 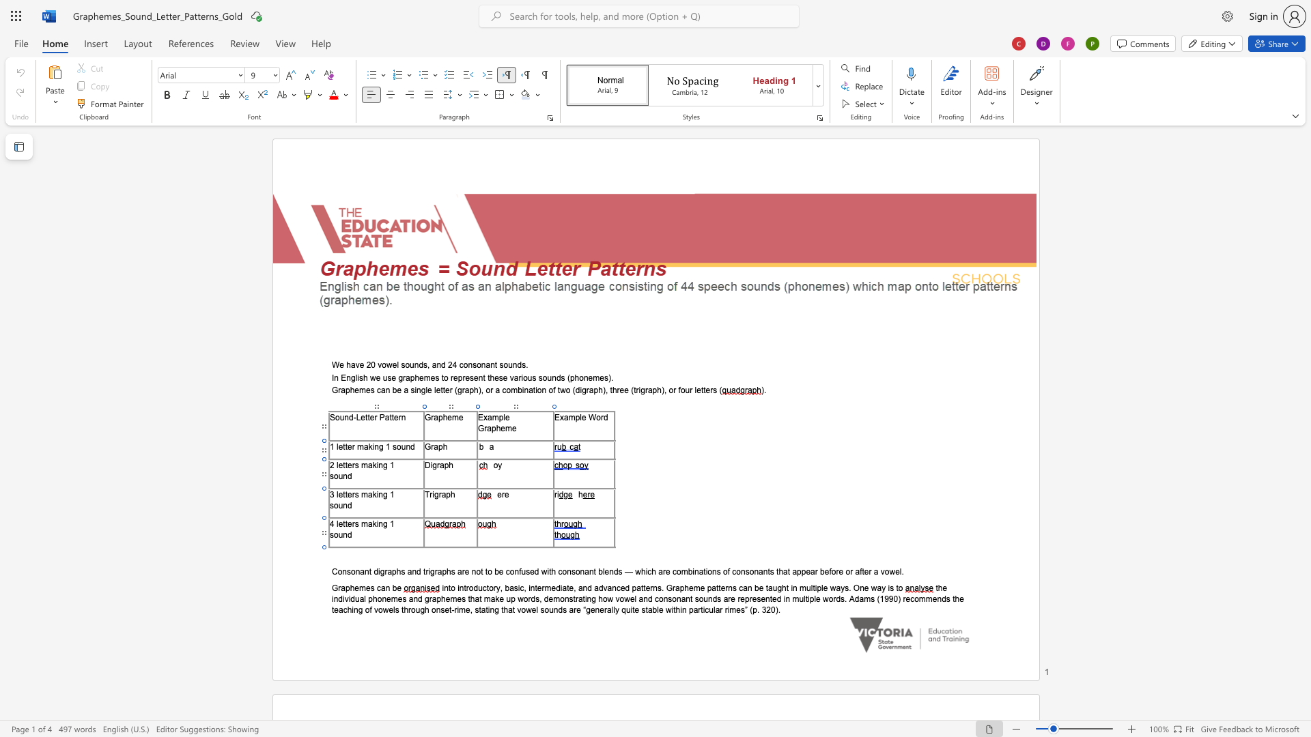 What do you see at coordinates (434, 598) in the screenshot?
I see `the 3th character "a" in the text` at bounding box center [434, 598].